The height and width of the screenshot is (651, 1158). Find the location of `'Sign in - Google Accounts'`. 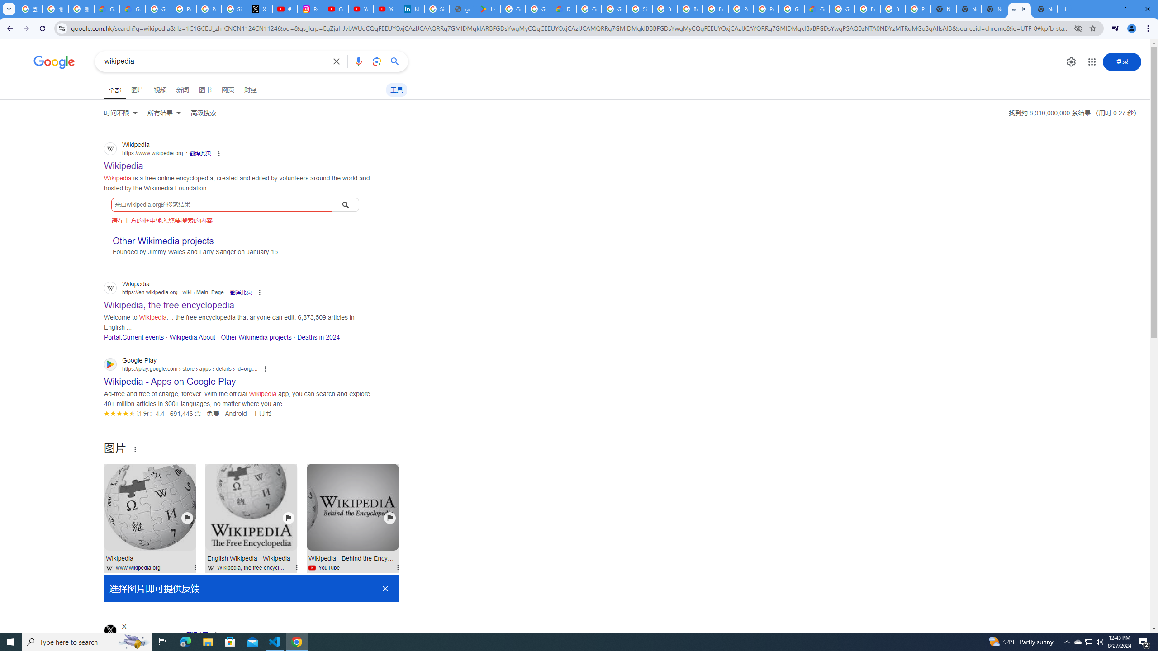

'Sign in - Google Accounts' is located at coordinates (234, 9).